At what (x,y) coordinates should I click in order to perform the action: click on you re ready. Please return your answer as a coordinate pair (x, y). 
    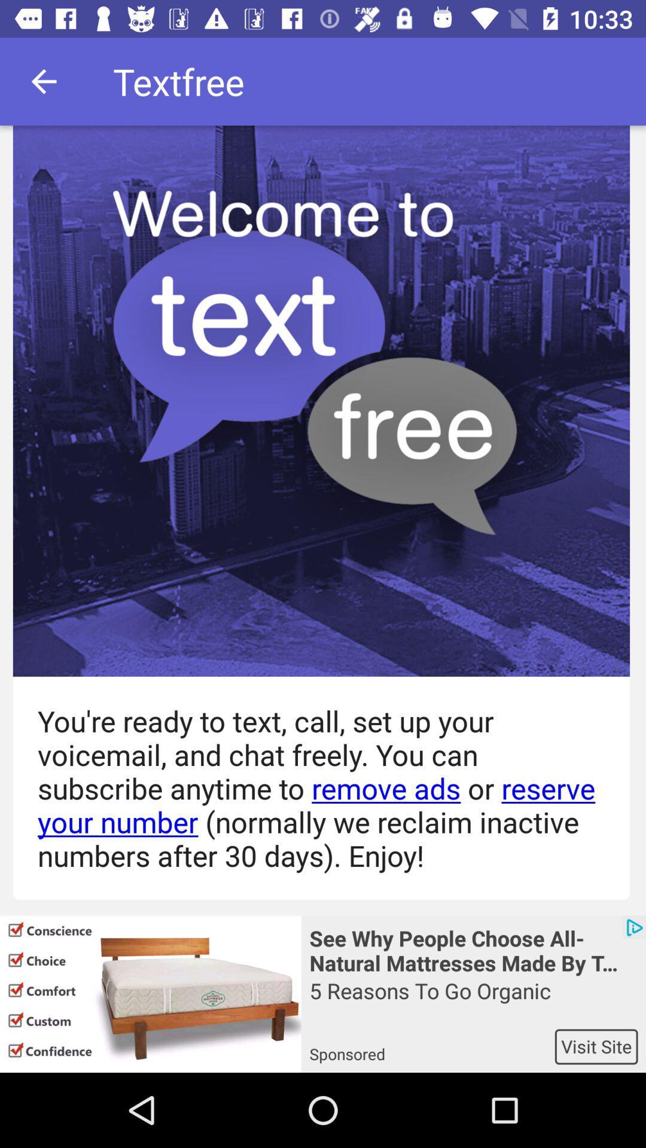
    Looking at the image, I should click on (314, 788).